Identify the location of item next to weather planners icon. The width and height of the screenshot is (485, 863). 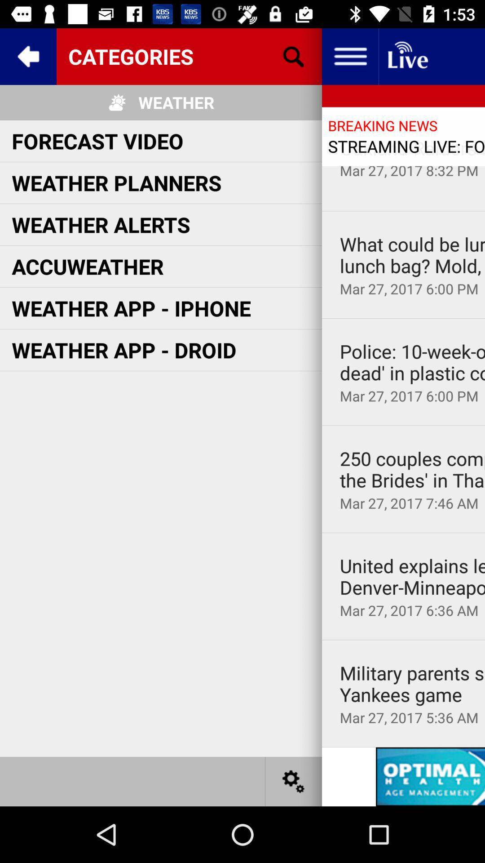
(412, 148).